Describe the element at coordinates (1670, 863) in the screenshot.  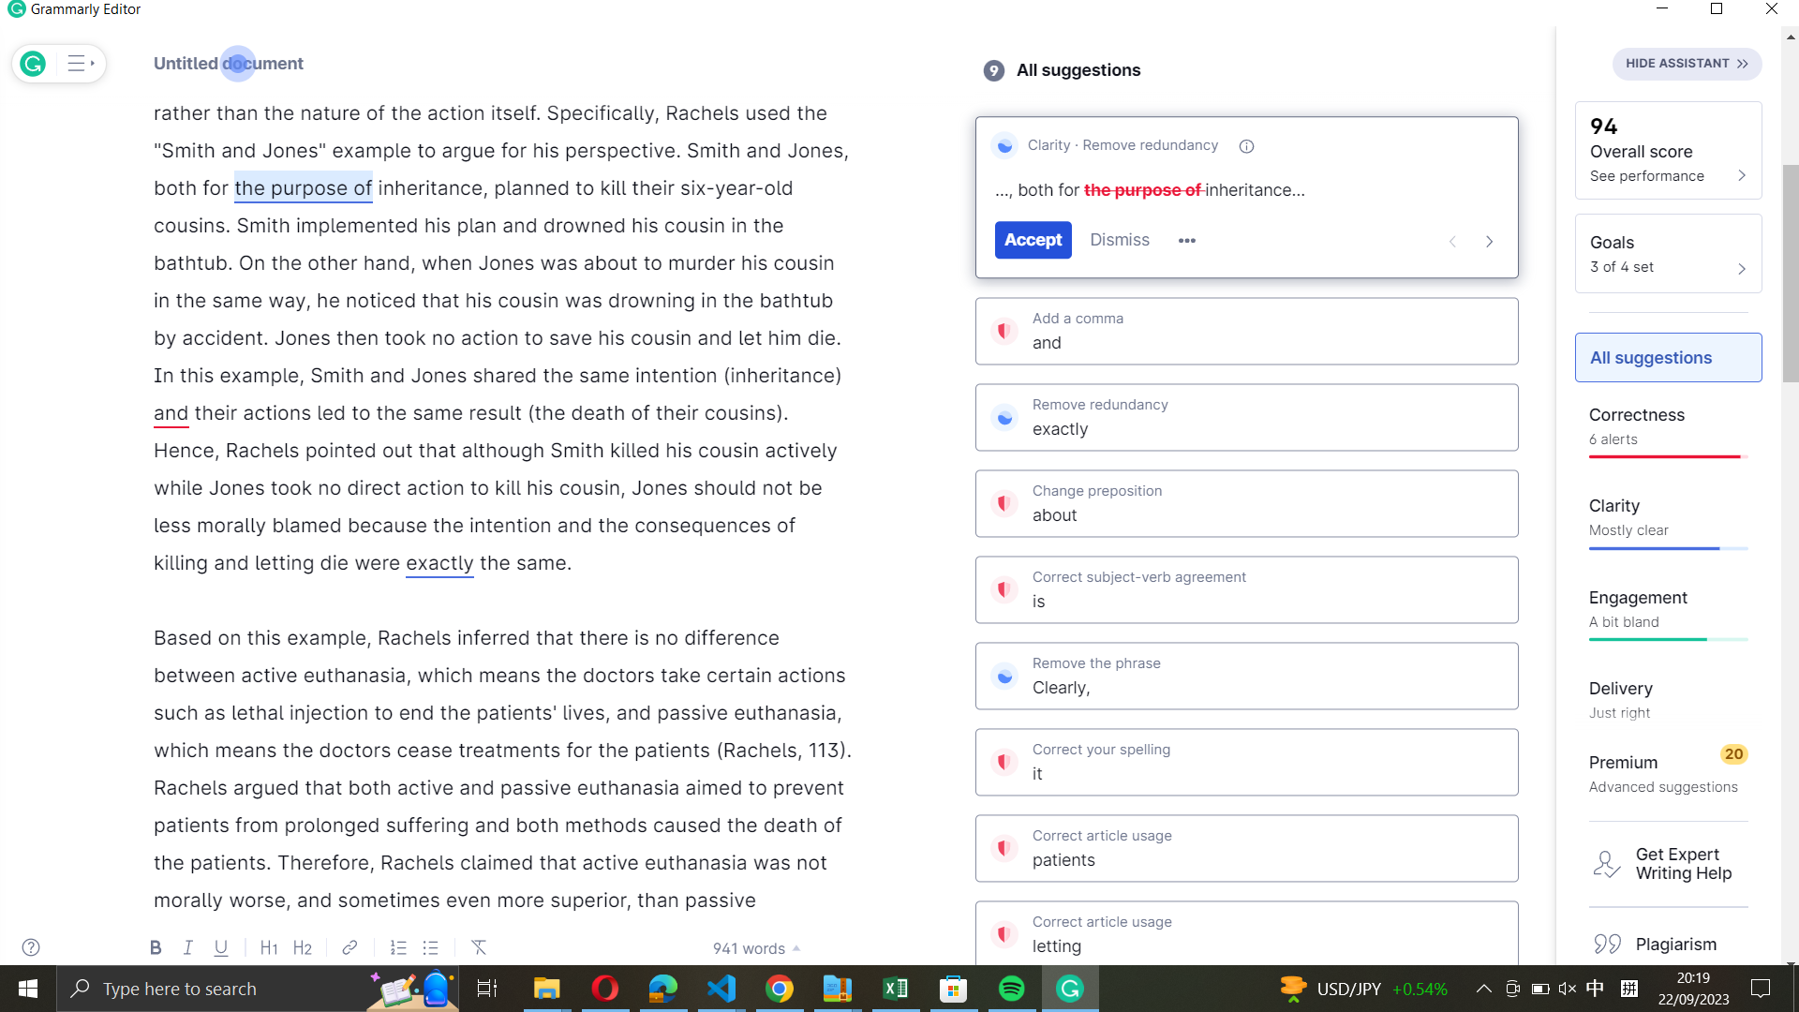
I see `Grammarly professional help` at that location.